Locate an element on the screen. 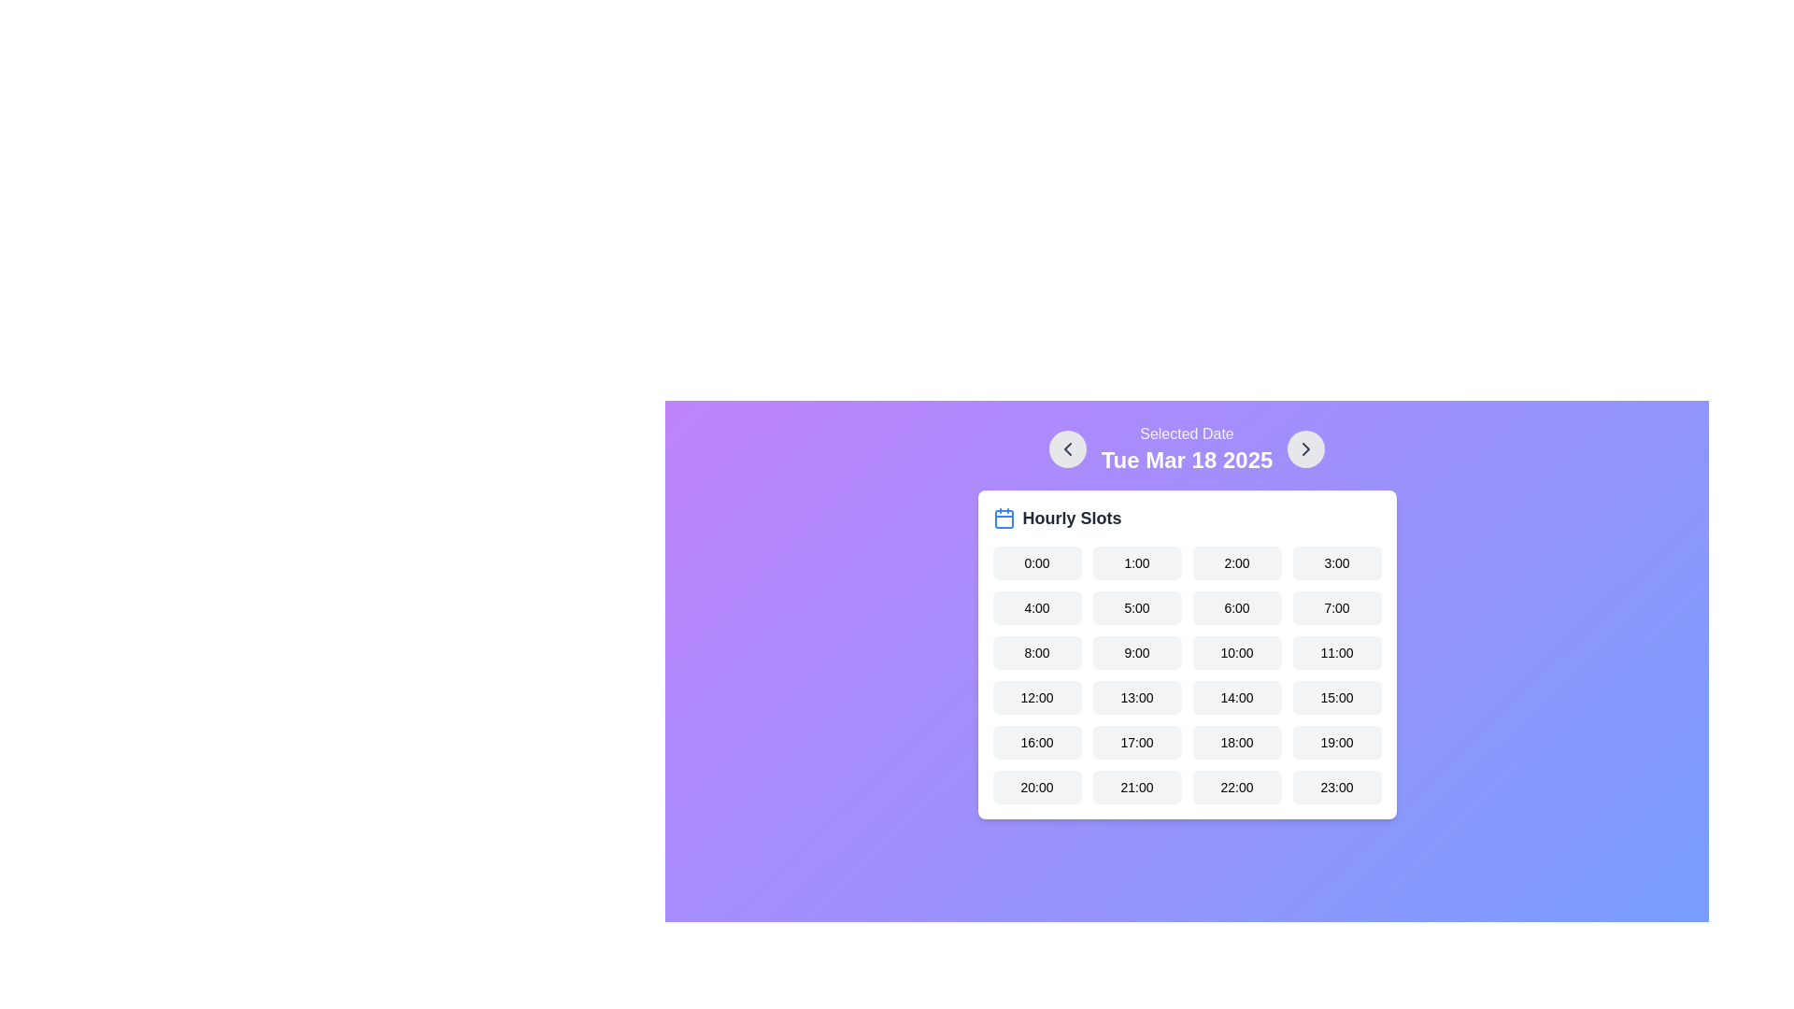  the button representing the time slot '18:00' located in the fifth row and third column of the grid within the 'Hourly Slots' card is located at coordinates (1237, 741).